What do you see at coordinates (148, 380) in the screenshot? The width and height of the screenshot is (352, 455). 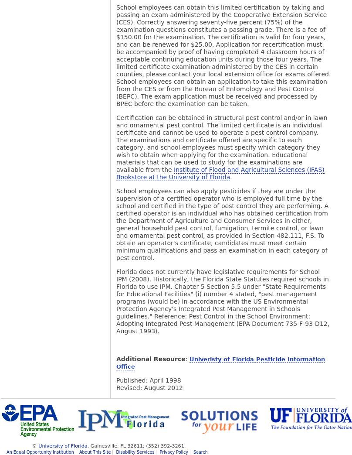 I see `'Published: April 1998'` at bounding box center [148, 380].